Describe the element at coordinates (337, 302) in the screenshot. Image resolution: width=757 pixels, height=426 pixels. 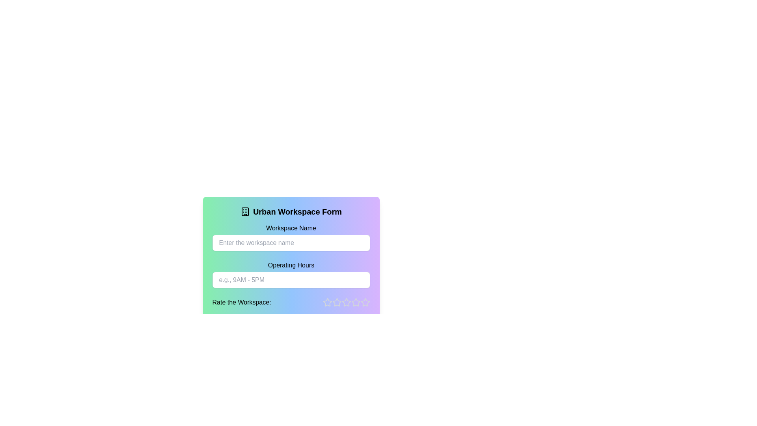
I see `the third star icon in the horizontal sequence of five stars under the 'Rate the Workspace:' label` at that location.